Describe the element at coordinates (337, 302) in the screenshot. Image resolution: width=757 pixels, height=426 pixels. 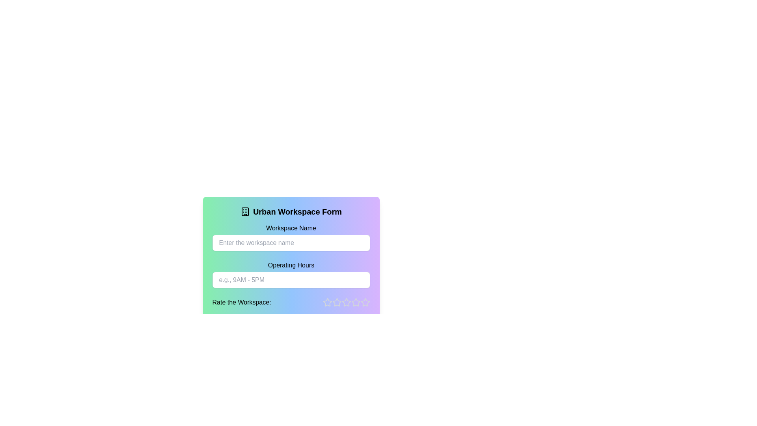
I see `the third star icon in the horizontal sequence of five stars under the 'Rate the Workspace:' label` at that location.